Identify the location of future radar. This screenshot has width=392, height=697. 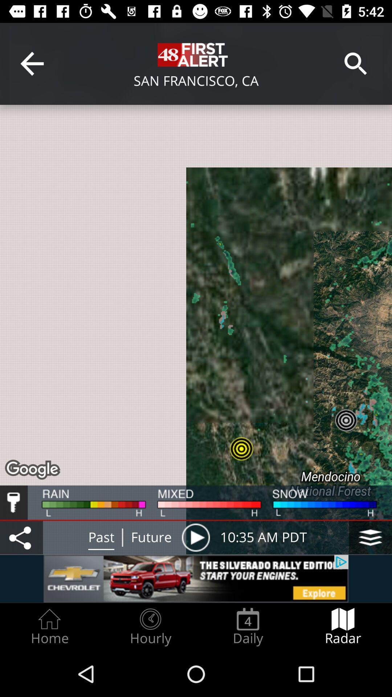
(195, 537).